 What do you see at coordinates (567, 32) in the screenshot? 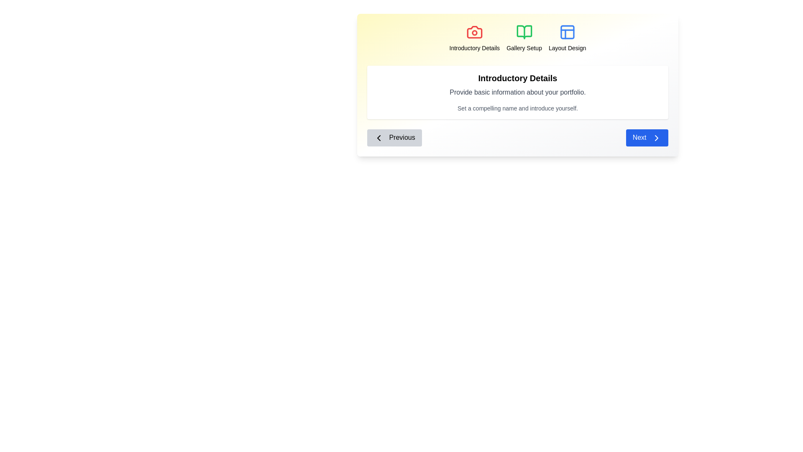
I see `the innermost rectangular section of the 'Layout Design' icon located in the top-right panel of the interface` at bounding box center [567, 32].